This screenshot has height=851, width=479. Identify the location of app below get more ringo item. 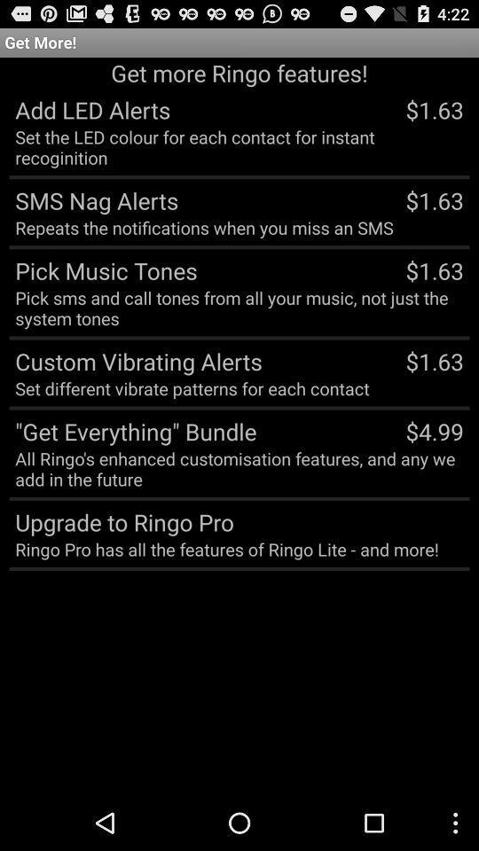
(89, 108).